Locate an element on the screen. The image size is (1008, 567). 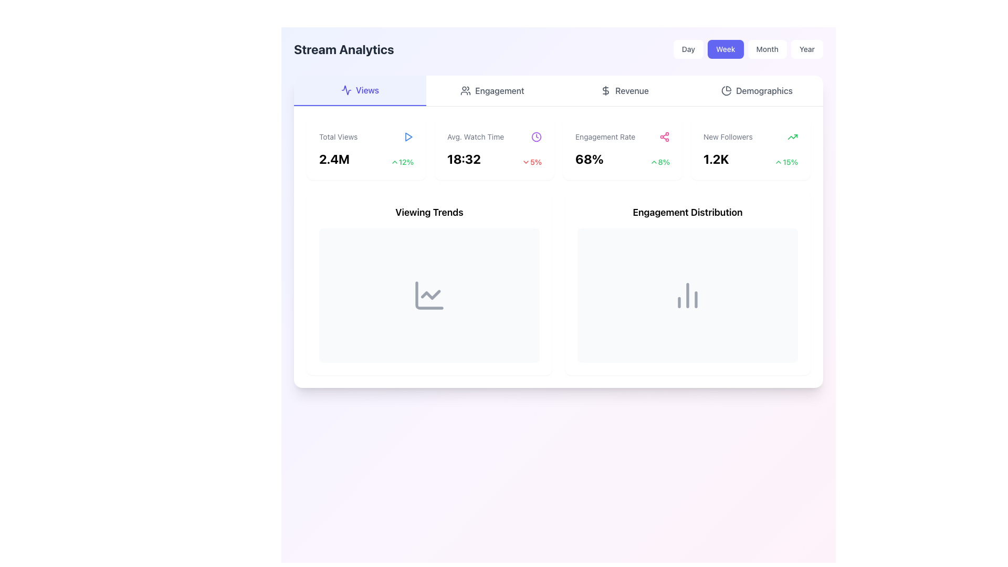
the composite UI element that displays '5%' in red with a downward-pointing chevron icon, located next to '18:32' in the summary metrics row under 'Avg. Watch Time' is located at coordinates (531, 162).